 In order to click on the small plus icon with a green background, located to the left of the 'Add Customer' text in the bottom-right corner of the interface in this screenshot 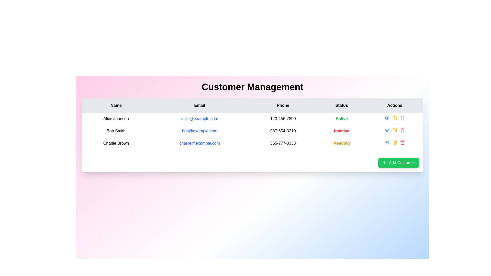, I will do `click(384, 163)`.